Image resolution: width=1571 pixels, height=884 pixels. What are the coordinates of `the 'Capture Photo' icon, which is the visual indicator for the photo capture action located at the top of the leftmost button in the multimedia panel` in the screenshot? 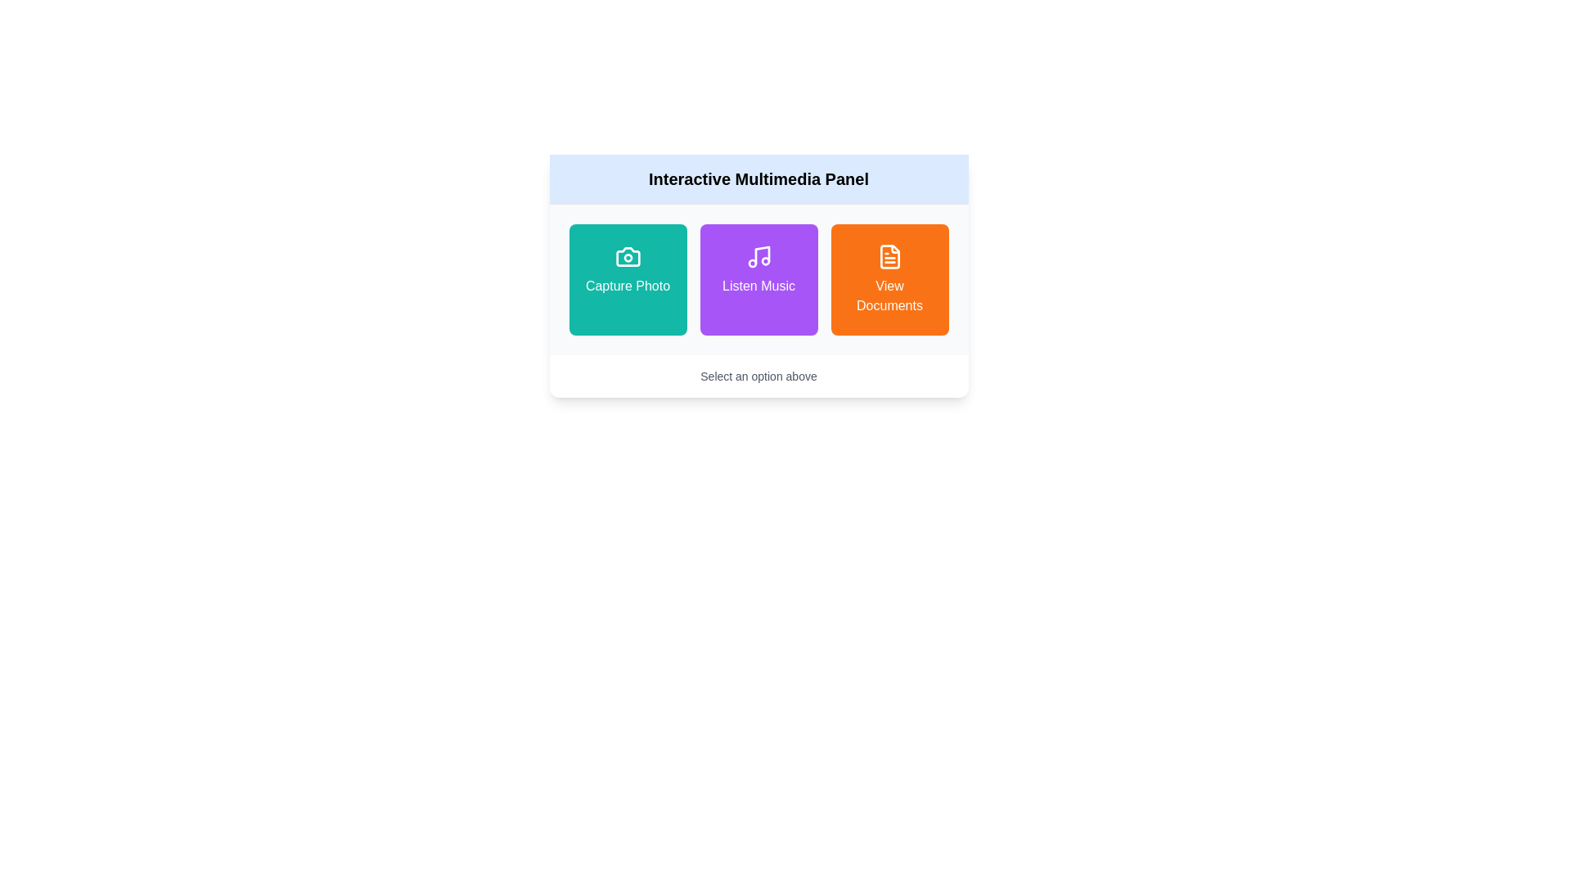 It's located at (627, 256).